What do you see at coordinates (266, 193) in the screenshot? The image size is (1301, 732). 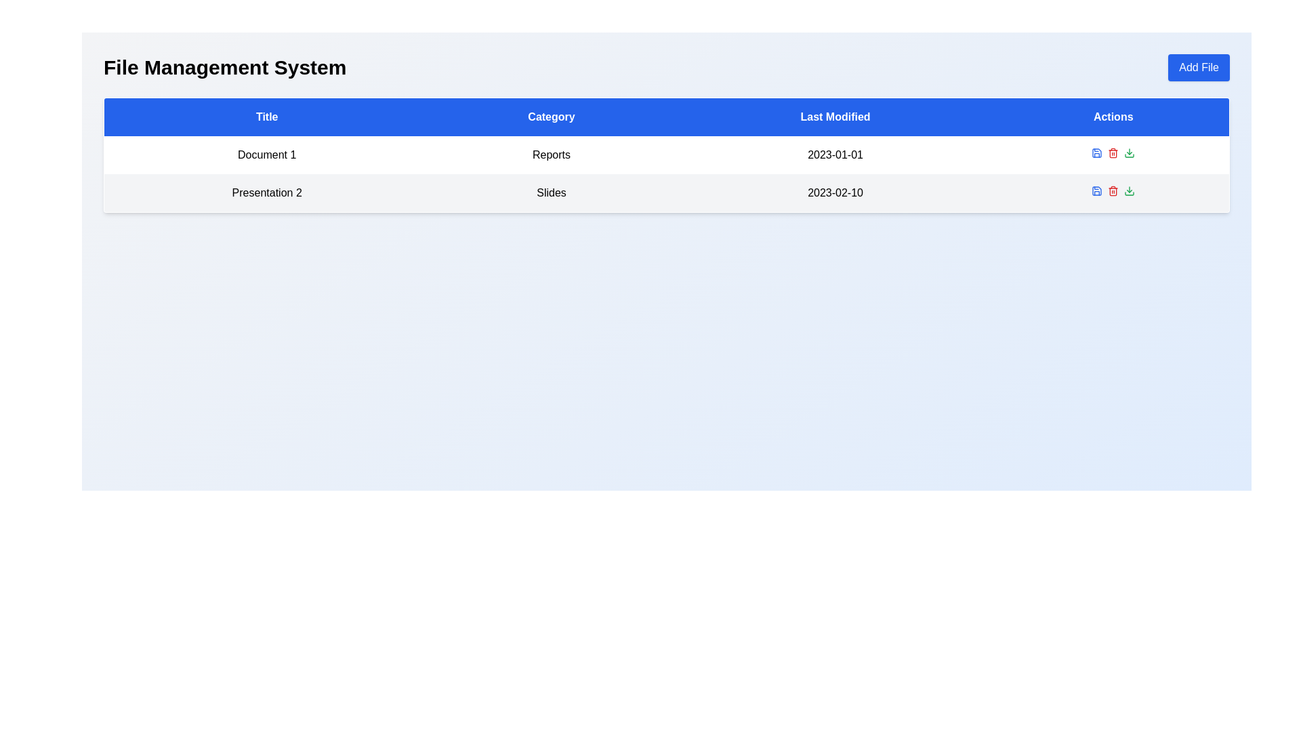 I see `the title text 'Presentation 2' located in the first column of the second row of the table to check the title` at bounding box center [266, 193].